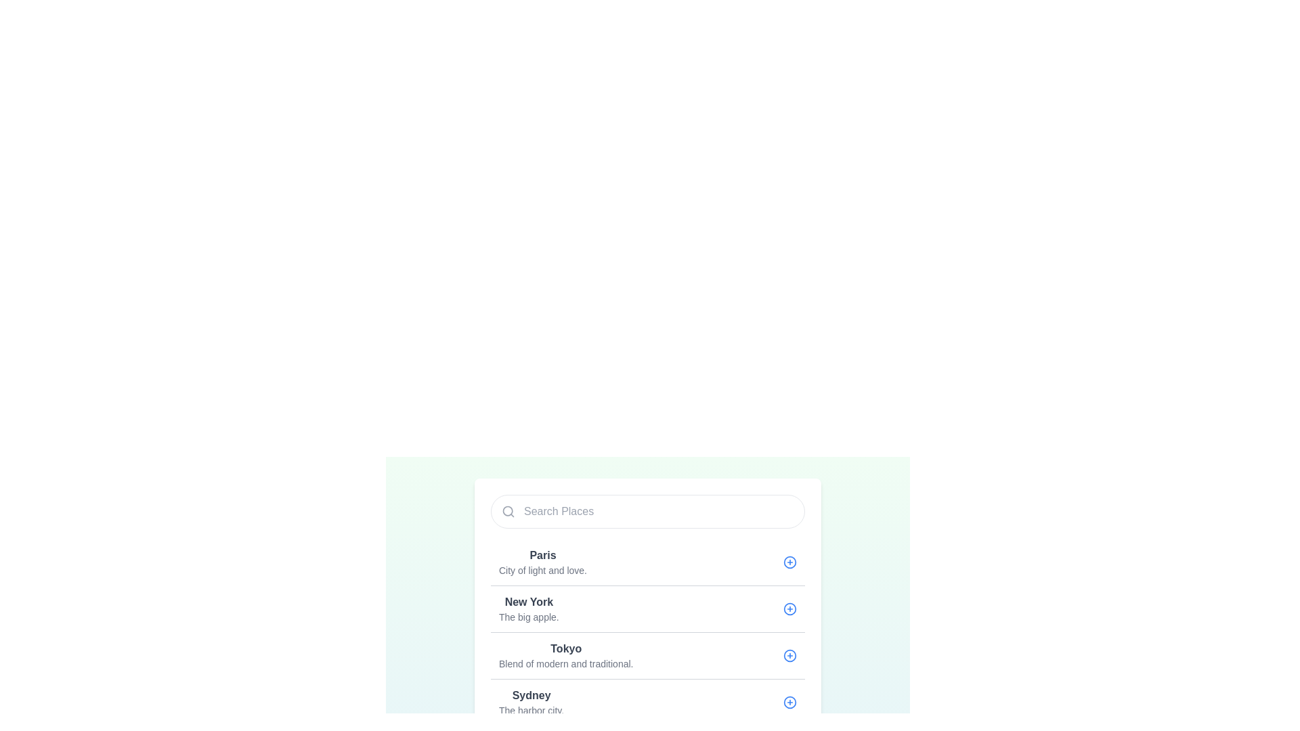 This screenshot has height=731, width=1300. I want to click on the second item in the list that corresponds to 'New York', which is located directly below the 'Paris' row, so click(647, 607).